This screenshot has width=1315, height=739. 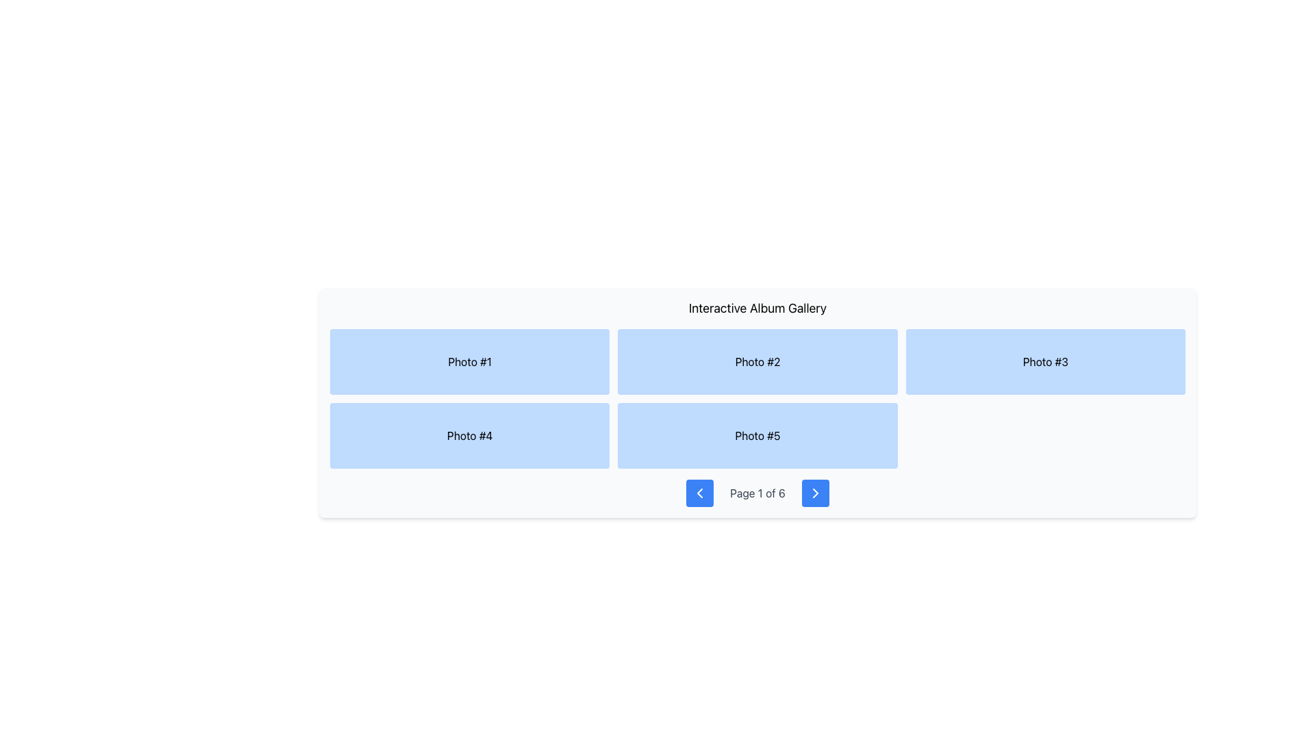 What do you see at coordinates (700, 493) in the screenshot?
I see `the left-pointing chevron-shaped SVG icon within the circular button at the bottom center of the page` at bounding box center [700, 493].